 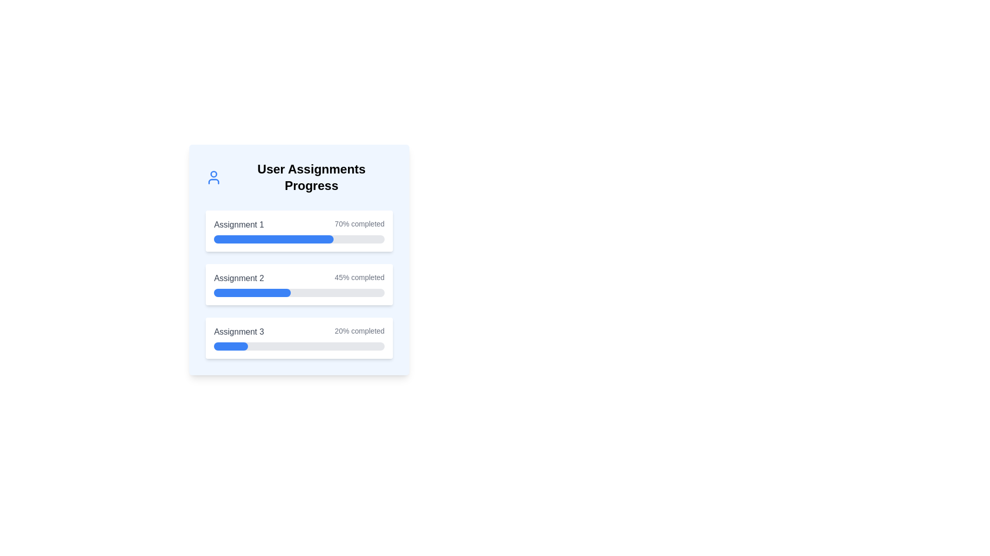 What do you see at coordinates (273, 239) in the screenshot?
I see `the blue rounded progress bar representing 'Assignment 1' in the 'User Assignments Progress' list` at bounding box center [273, 239].